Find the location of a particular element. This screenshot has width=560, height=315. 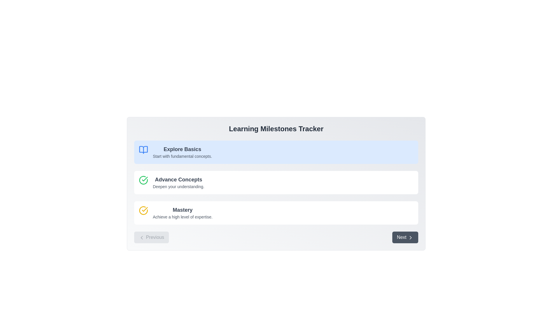

the 'Explore Basics' icon, which serves as a visual cue for the section, located at the leftmost part aligned with the text 'Explore Basics' is located at coordinates (143, 149).